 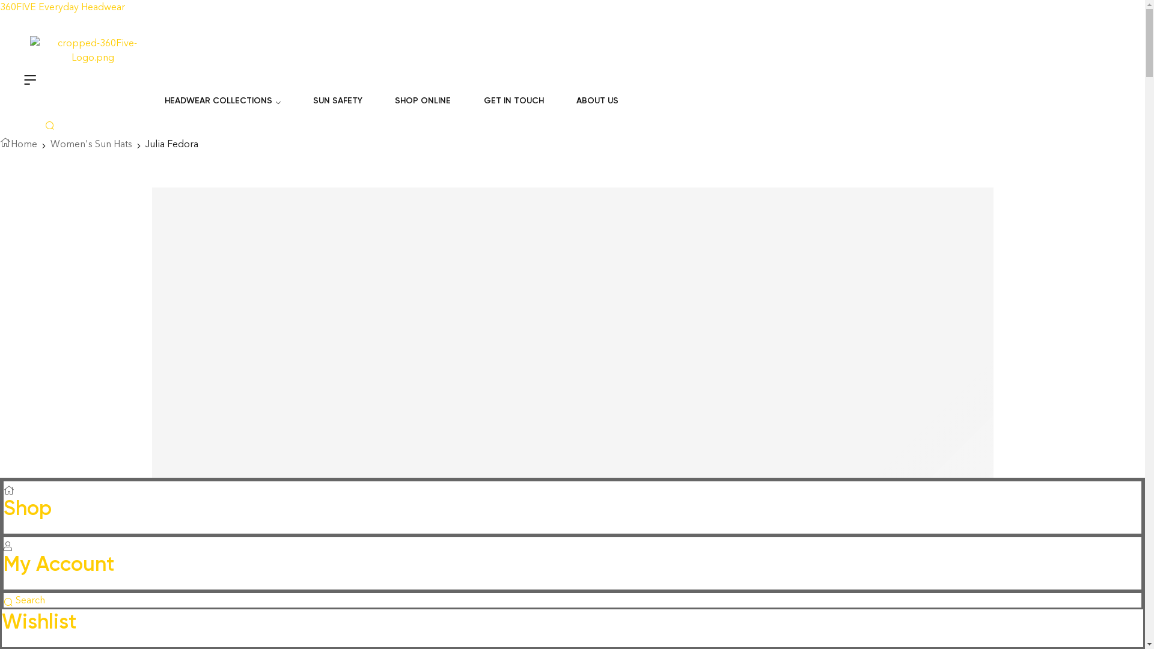 I want to click on '360FIVE Everyday Headwear', so click(x=62, y=7).